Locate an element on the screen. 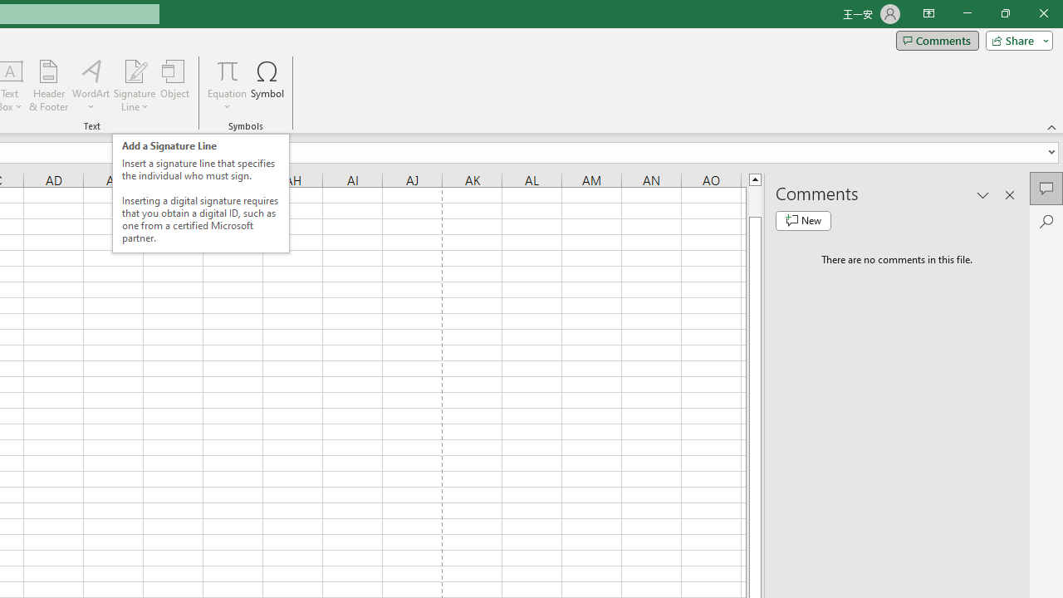  'Equation' is located at coordinates (226, 70).